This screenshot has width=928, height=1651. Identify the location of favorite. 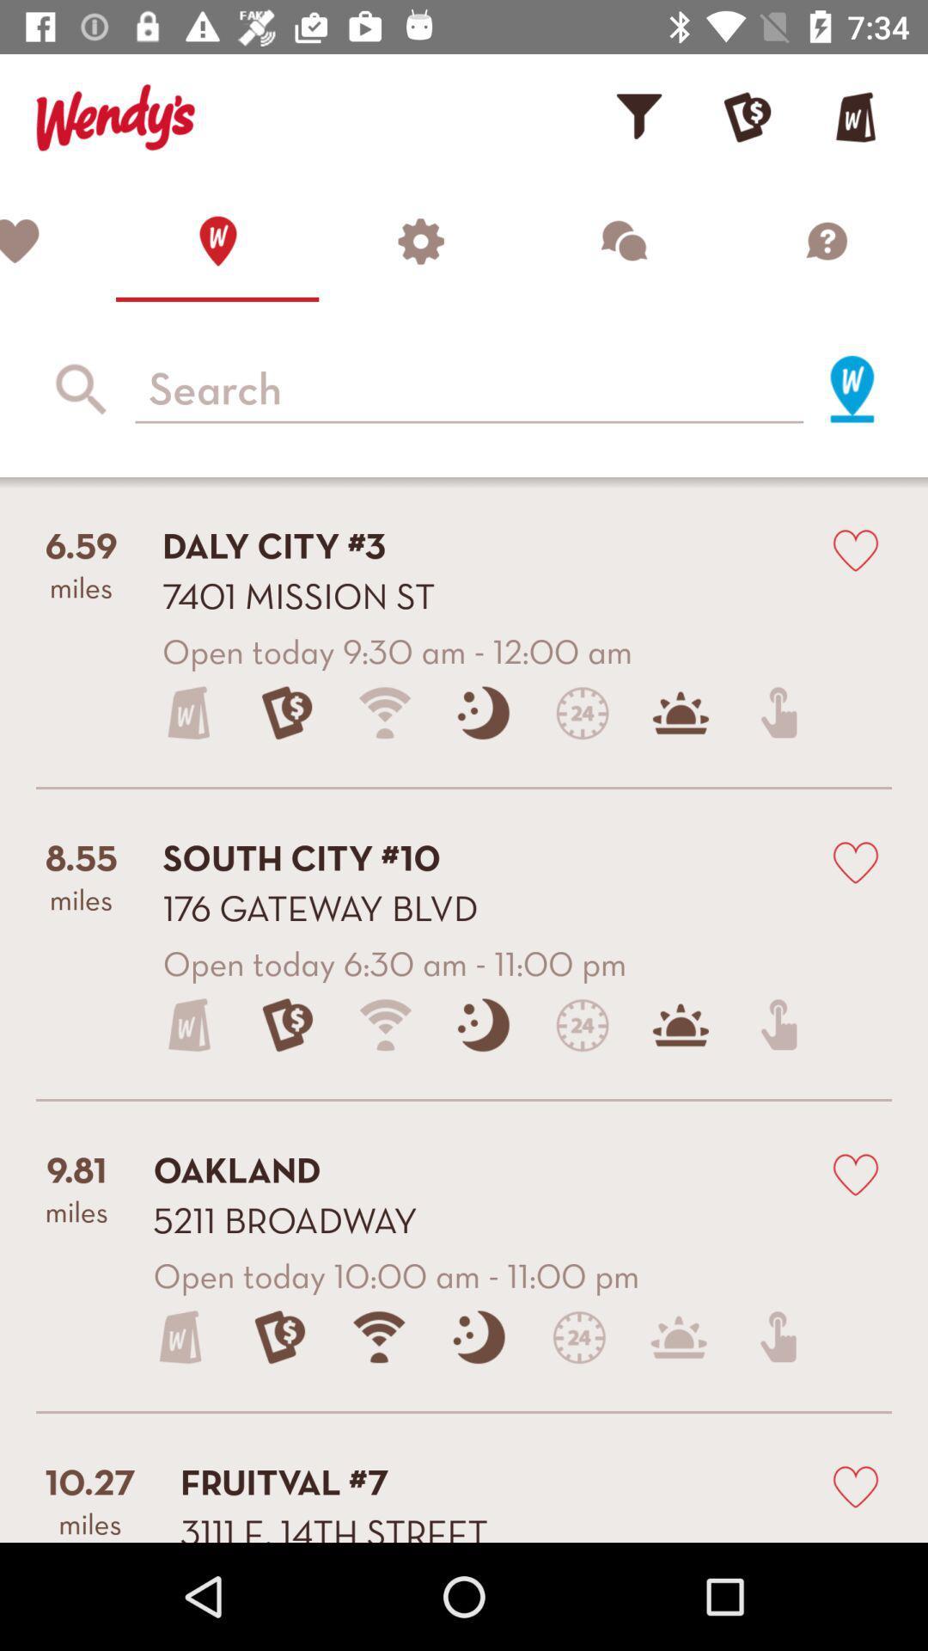
(855, 1485).